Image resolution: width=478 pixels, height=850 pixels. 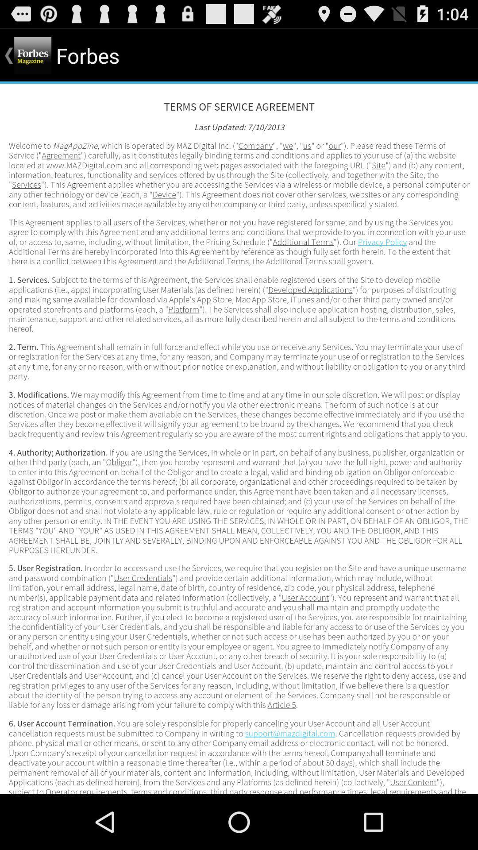 I want to click on paragraph the text, so click(x=239, y=439).